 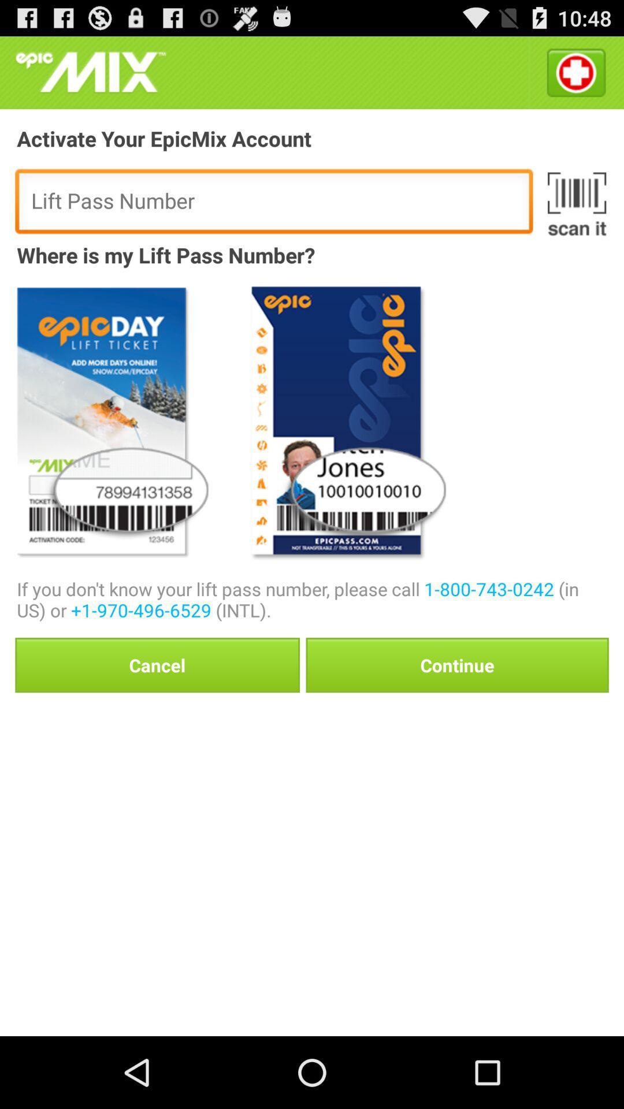 What do you see at coordinates (456, 665) in the screenshot?
I see `the button to the right of cancel` at bounding box center [456, 665].